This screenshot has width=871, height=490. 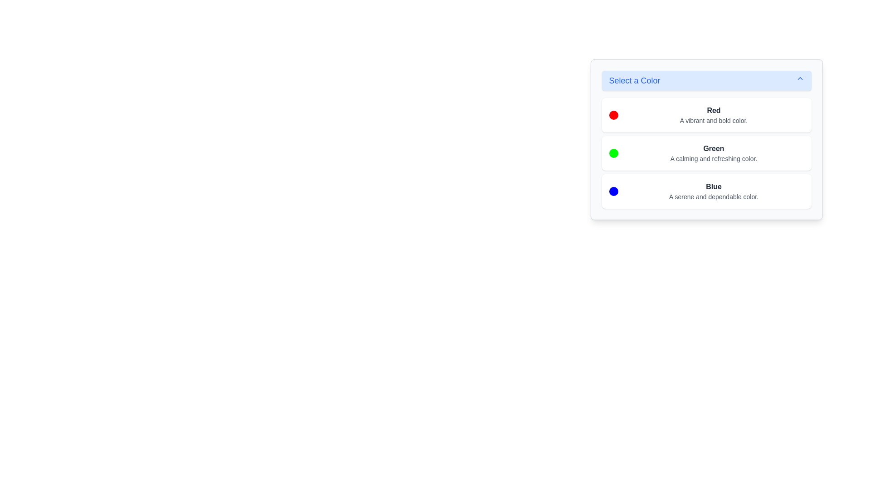 I want to click on the selectable list item representing the color blue in the 'Select a Color' section using the keyboard, so click(x=706, y=191).